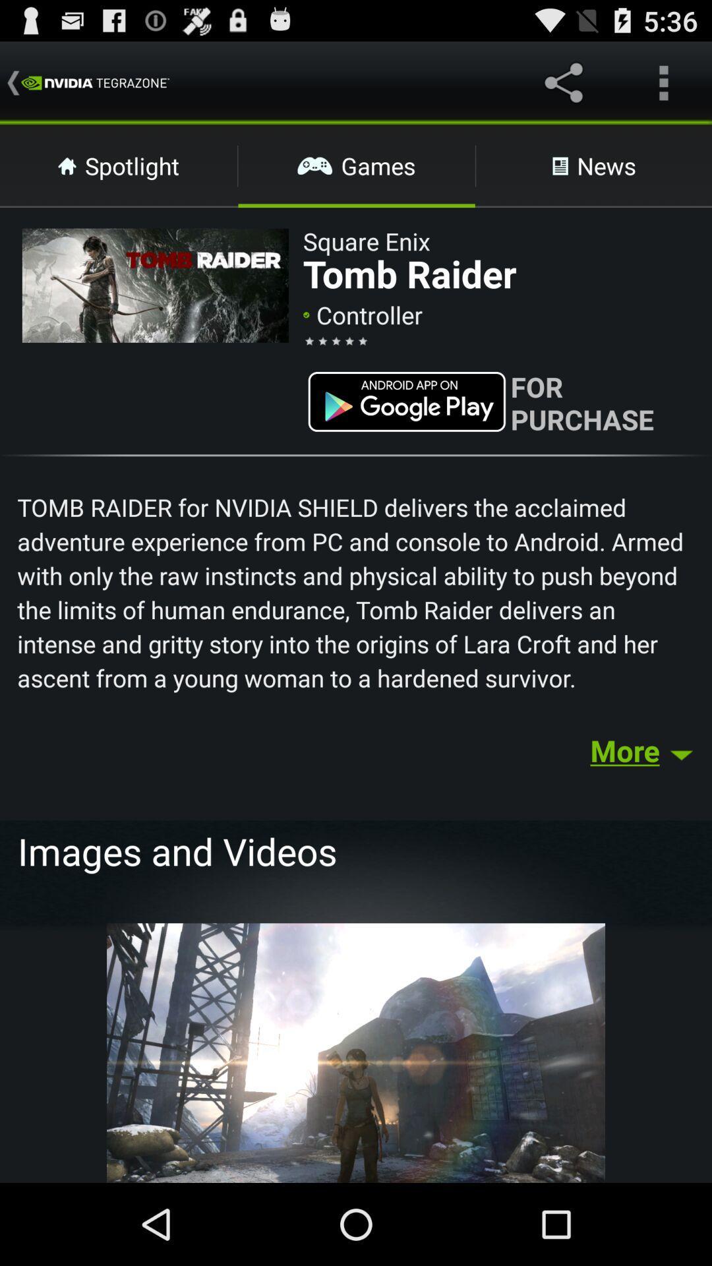  I want to click on the share icon, so click(566, 82).